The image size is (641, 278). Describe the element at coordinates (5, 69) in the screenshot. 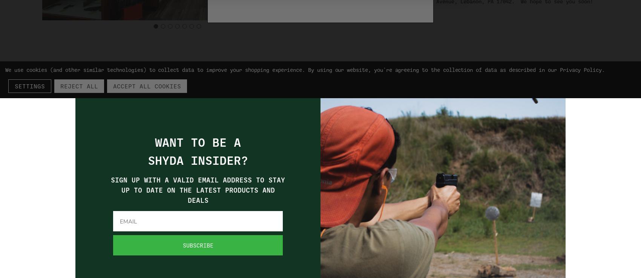

I see `'We use cookies (and other similar technologies) to collect data to improve your shopping experience.'` at that location.